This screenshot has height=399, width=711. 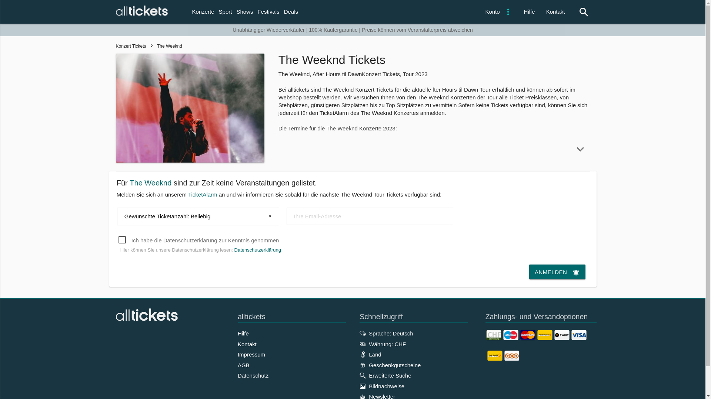 I want to click on 'Shows', so click(x=244, y=11).